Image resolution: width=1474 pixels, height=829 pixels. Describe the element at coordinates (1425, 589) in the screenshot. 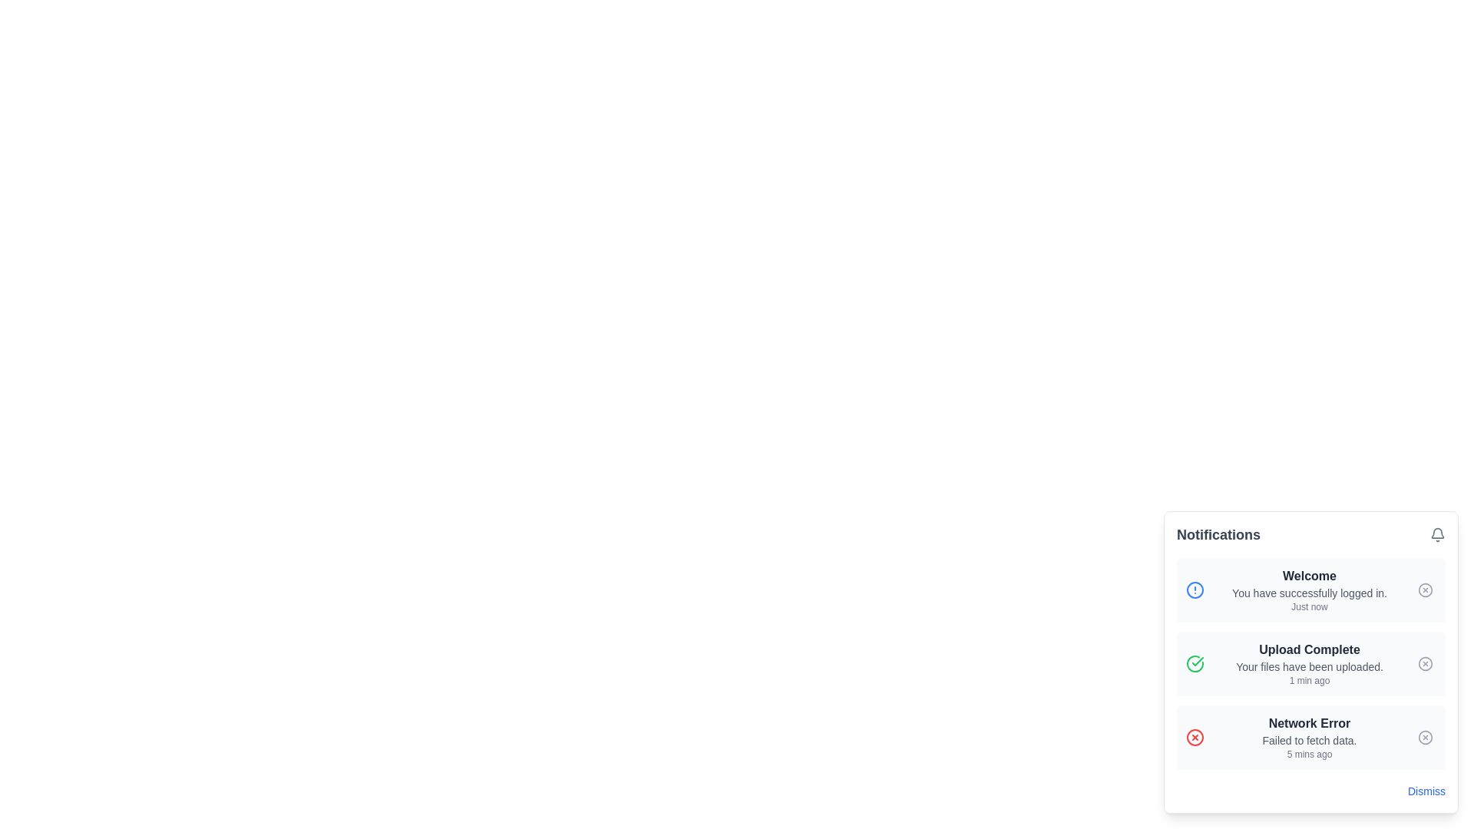

I see `the small, circular gray button with an 'X' symbol in the top-right corner of the 'Welcome' notification card` at that location.